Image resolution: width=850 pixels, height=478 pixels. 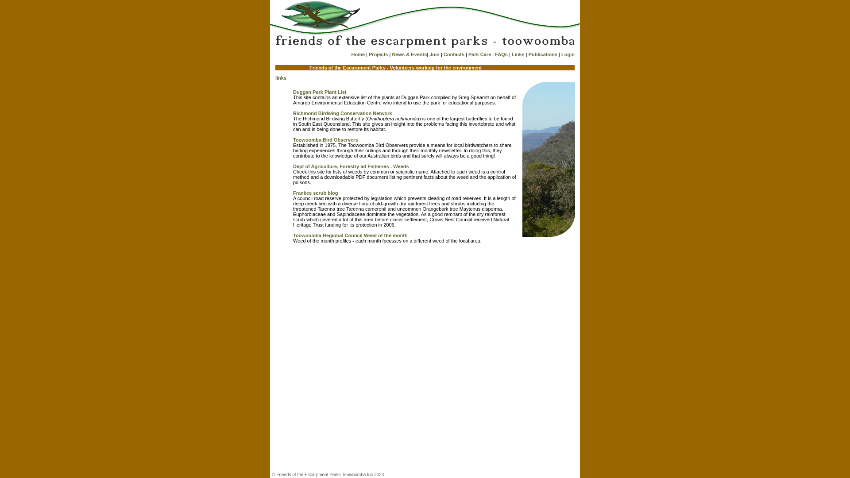 I want to click on 'News & Events', so click(x=409, y=54).